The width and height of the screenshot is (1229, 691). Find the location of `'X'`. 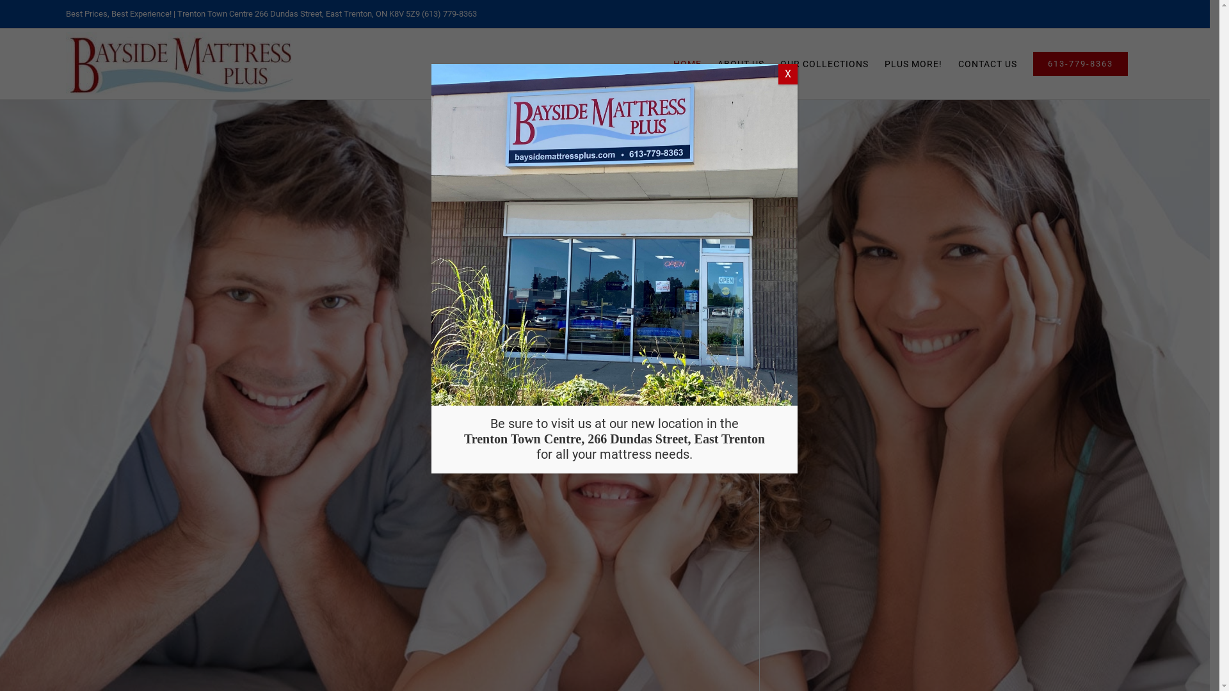

'X' is located at coordinates (787, 74).